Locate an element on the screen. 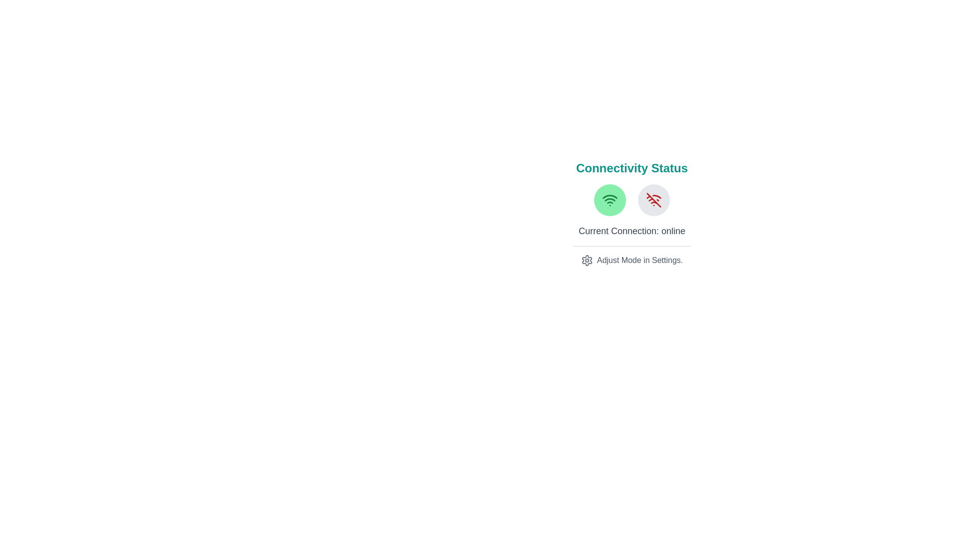 This screenshot has width=957, height=538. the settings icon to examine the 'Settings' section message is located at coordinates (587, 260).